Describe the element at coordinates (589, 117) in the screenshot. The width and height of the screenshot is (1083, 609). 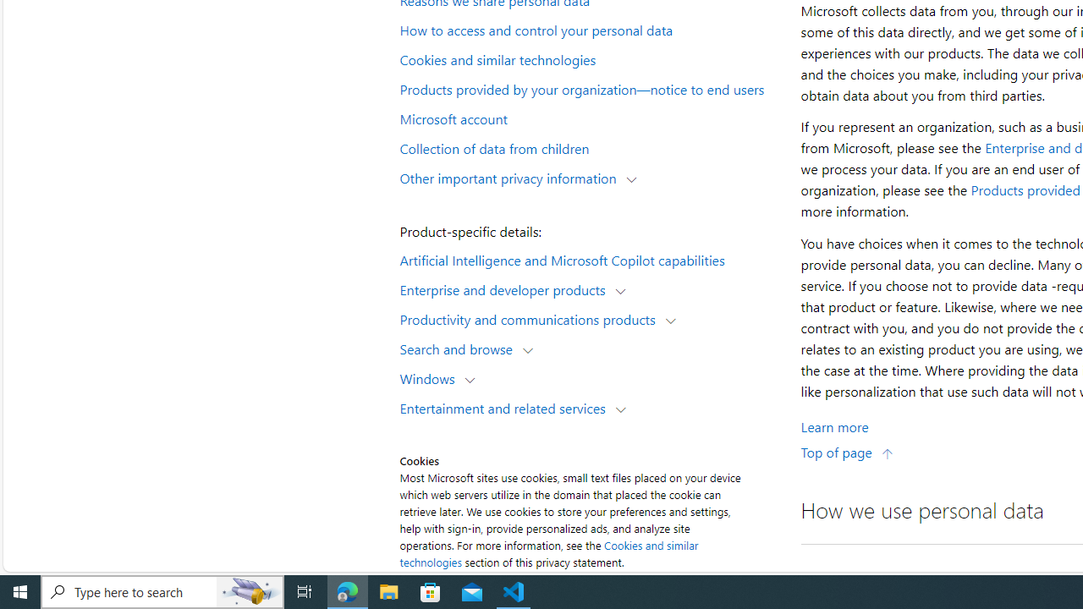
I see `'Microsoft account'` at that location.